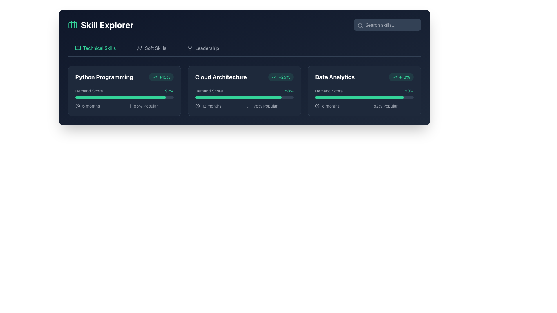 This screenshot has width=557, height=313. I want to click on the Text Label with Icon that provides information about the popularity or rating related to the 'Python Programming' skill, located inside the panel labeled 'Python Programming' towards the bottom, adjacent to the '6 months' label, so click(150, 106).